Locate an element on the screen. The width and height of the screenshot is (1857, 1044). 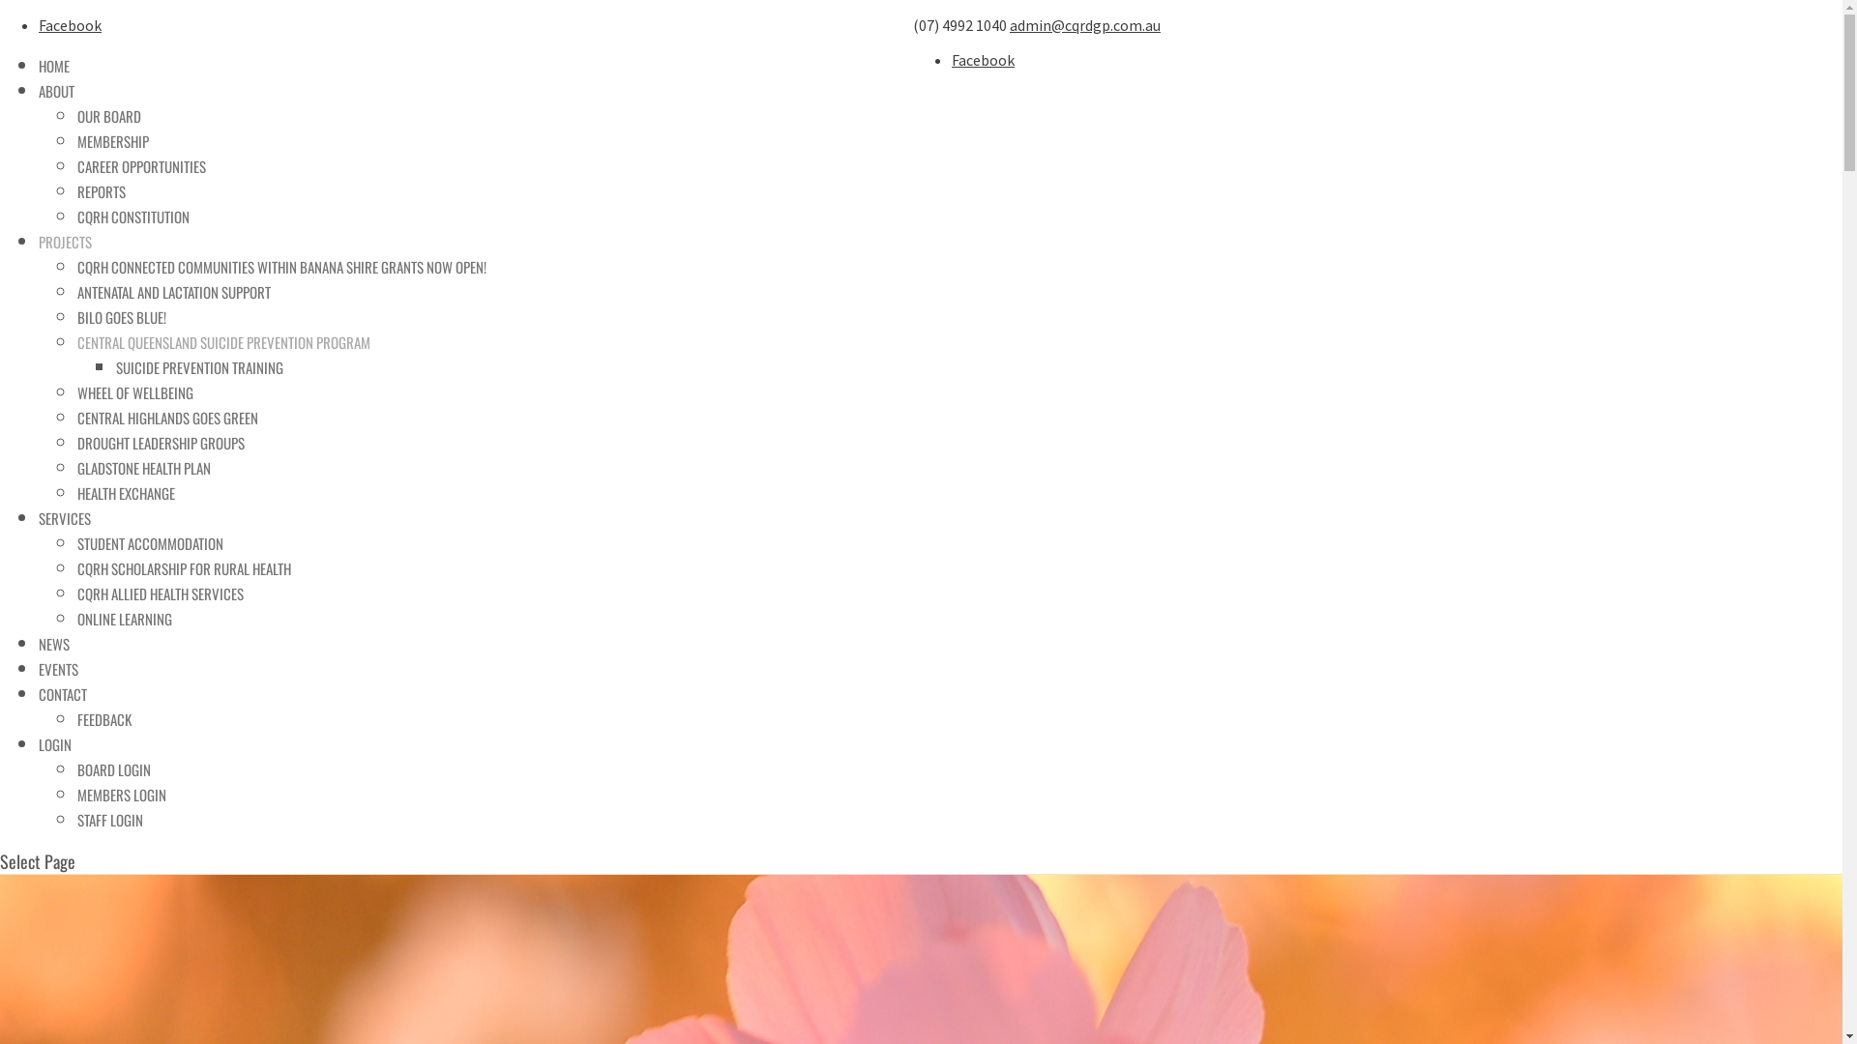
'MEMBERS LOGIN' is located at coordinates (120, 794).